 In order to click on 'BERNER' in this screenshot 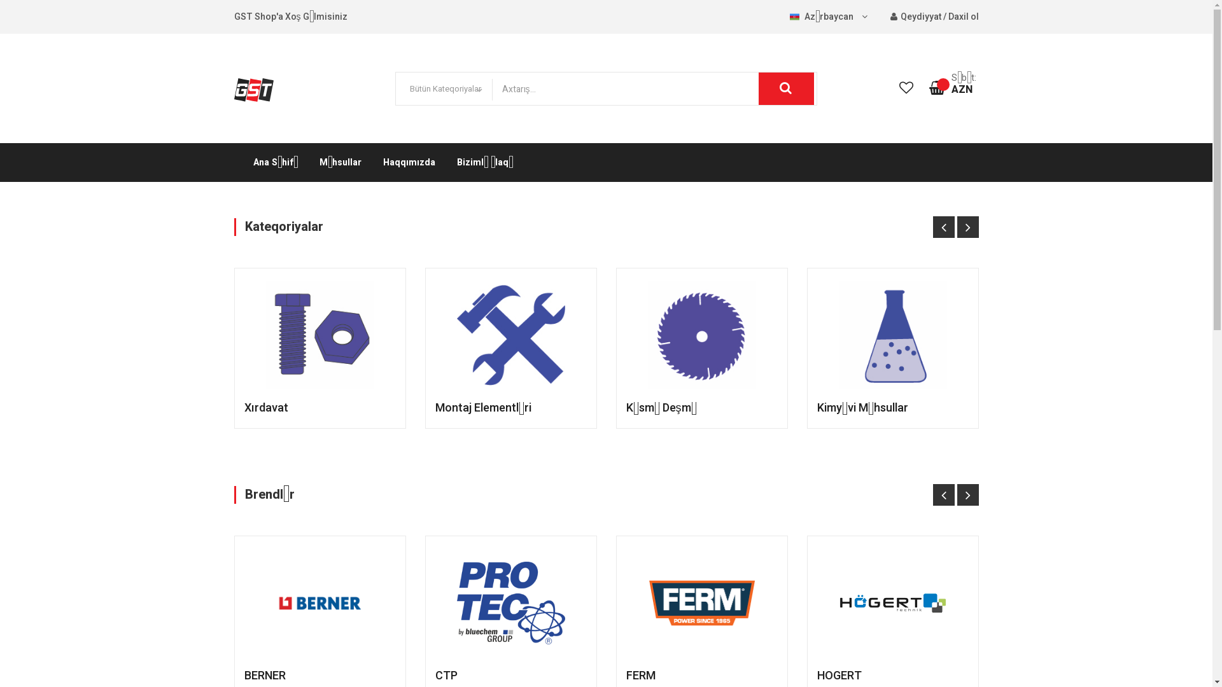, I will do `click(244, 675)`.